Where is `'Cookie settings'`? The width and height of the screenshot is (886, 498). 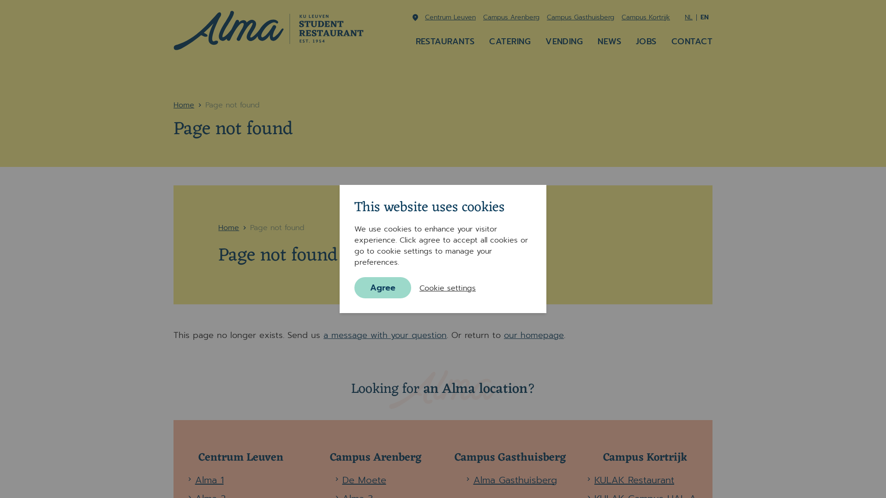 'Cookie settings' is located at coordinates (447, 287).